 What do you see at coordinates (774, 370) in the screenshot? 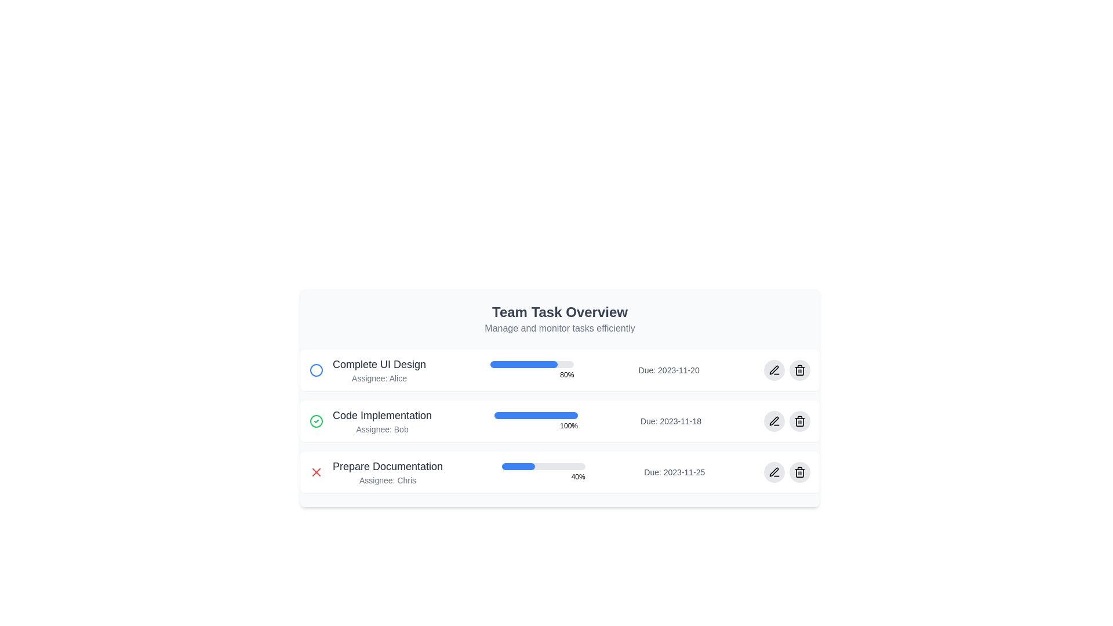
I see `the pen-like icon button located in the rightmost section of the 'Code Implementation' row` at bounding box center [774, 370].